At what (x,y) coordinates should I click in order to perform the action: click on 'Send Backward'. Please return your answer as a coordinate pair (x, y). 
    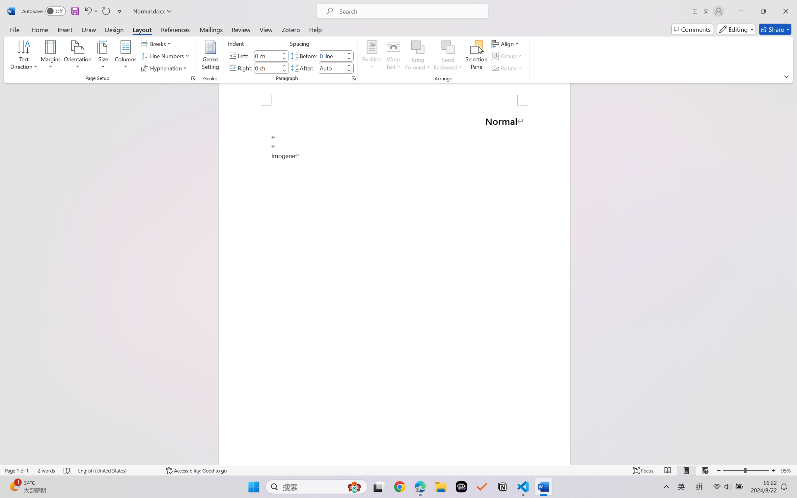
    Looking at the image, I should click on (448, 47).